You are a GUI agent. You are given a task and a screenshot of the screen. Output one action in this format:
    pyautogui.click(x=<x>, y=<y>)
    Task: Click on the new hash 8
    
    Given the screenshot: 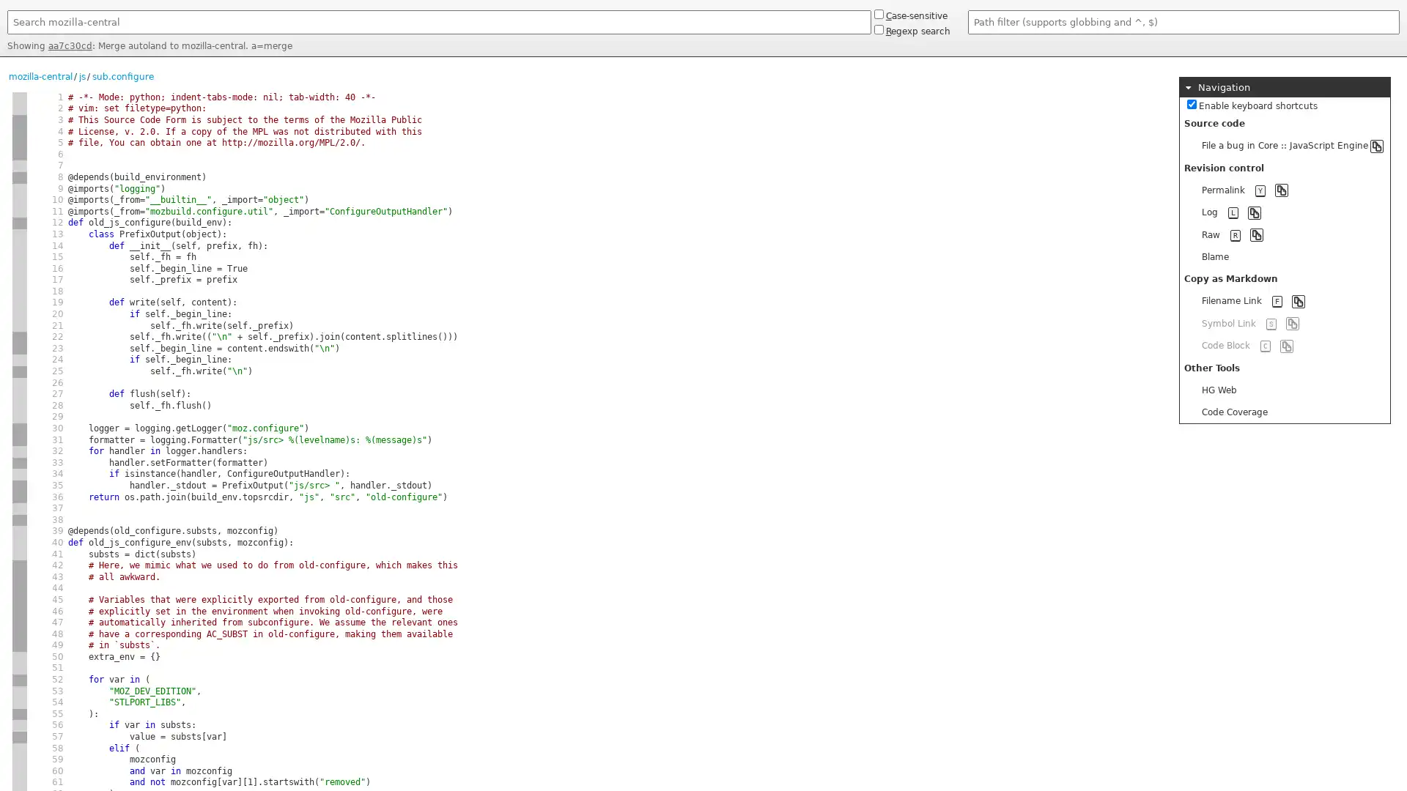 What is the action you would take?
    pyautogui.click(x=20, y=680)
    